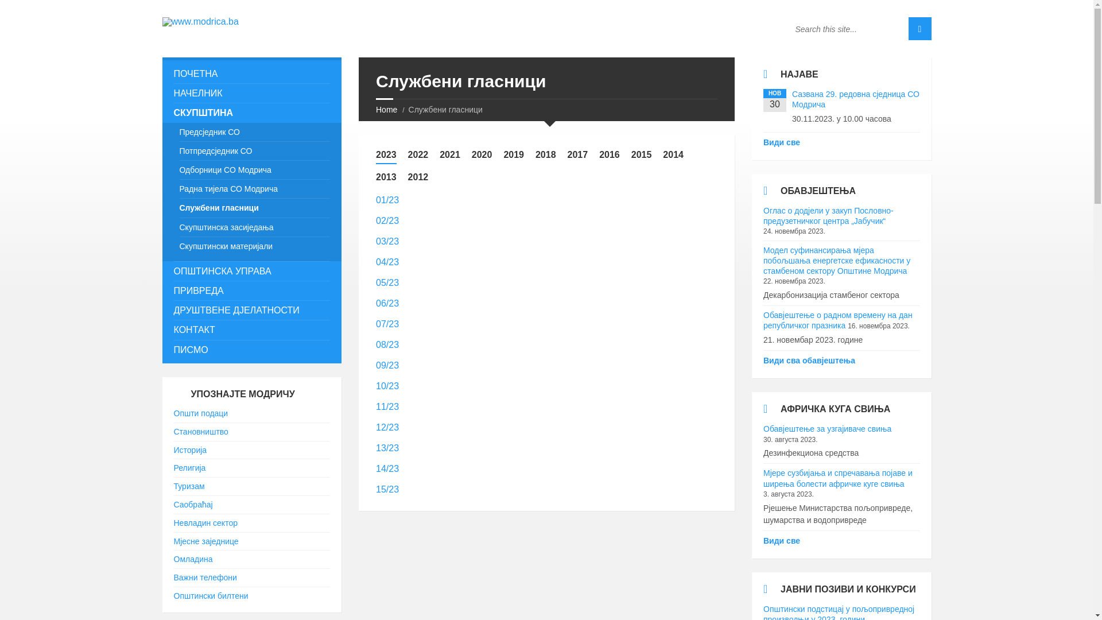 The image size is (1102, 620). I want to click on '13/23', so click(375, 447).